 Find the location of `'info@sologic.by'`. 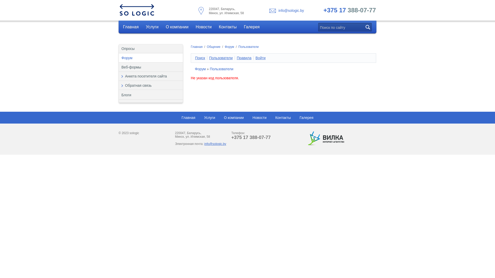

'info@sologic.by' is located at coordinates (278, 11).